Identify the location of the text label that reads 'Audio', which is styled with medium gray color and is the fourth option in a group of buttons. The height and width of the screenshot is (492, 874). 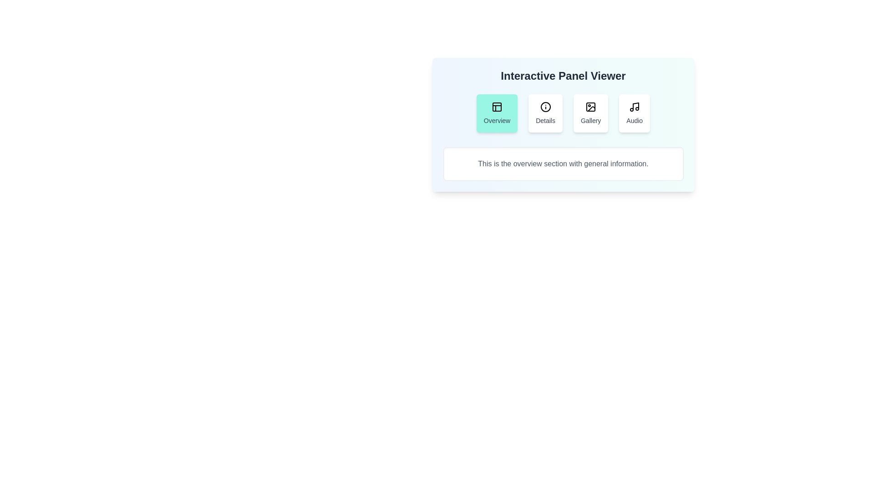
(634, 120).